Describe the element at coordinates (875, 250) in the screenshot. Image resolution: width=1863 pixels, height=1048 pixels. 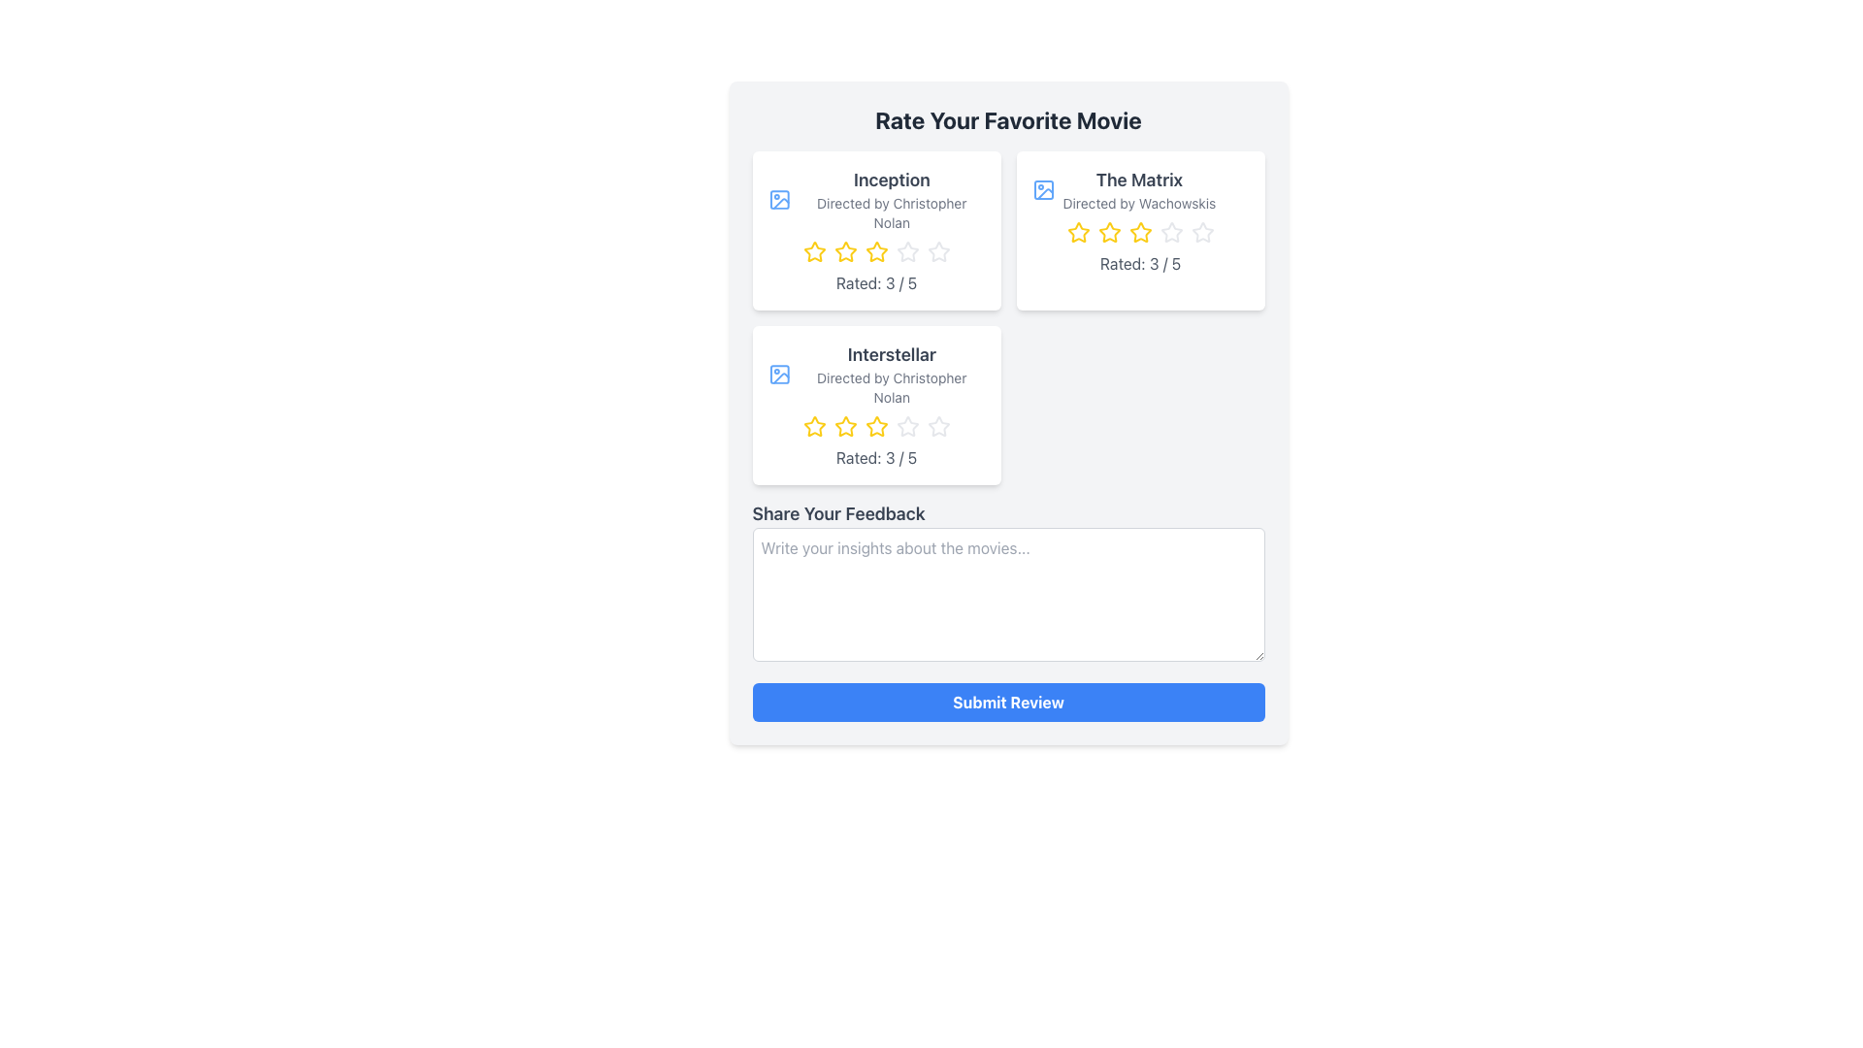
I see `the third star in the sequence of five stars under the 'Inception' movie card to adjust the rating` at that location.